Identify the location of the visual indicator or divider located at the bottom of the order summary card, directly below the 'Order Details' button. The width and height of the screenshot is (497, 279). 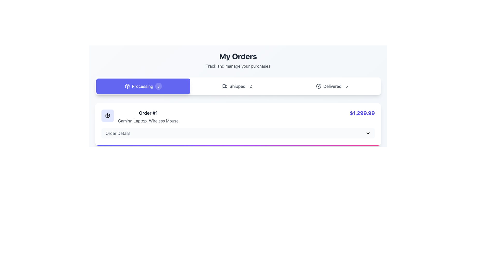
(238, 145).